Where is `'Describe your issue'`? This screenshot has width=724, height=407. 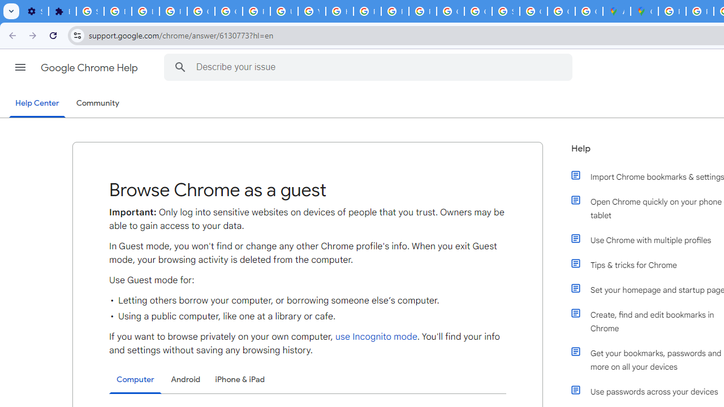 'Describe your issue' is located at coordinates (370, 67).